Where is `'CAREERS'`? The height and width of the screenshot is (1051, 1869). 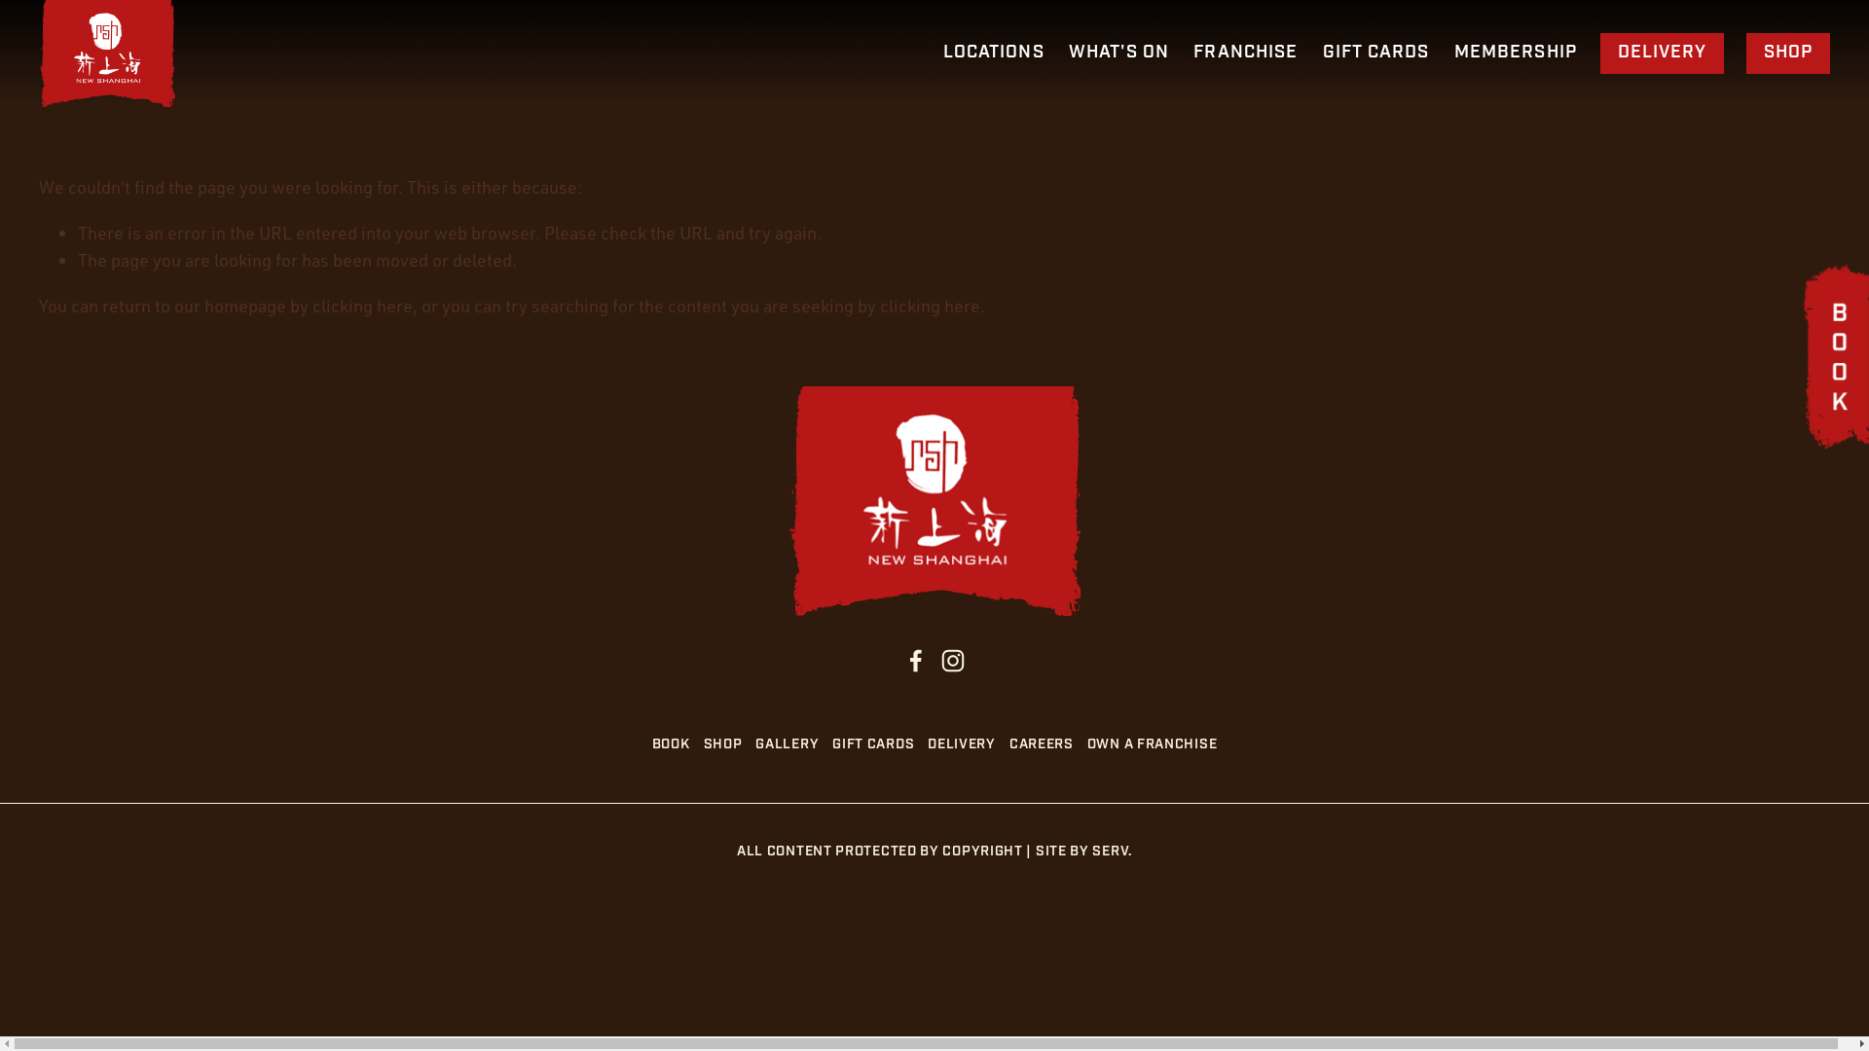
'CAREERS' is located at coordinates (1046, 744).